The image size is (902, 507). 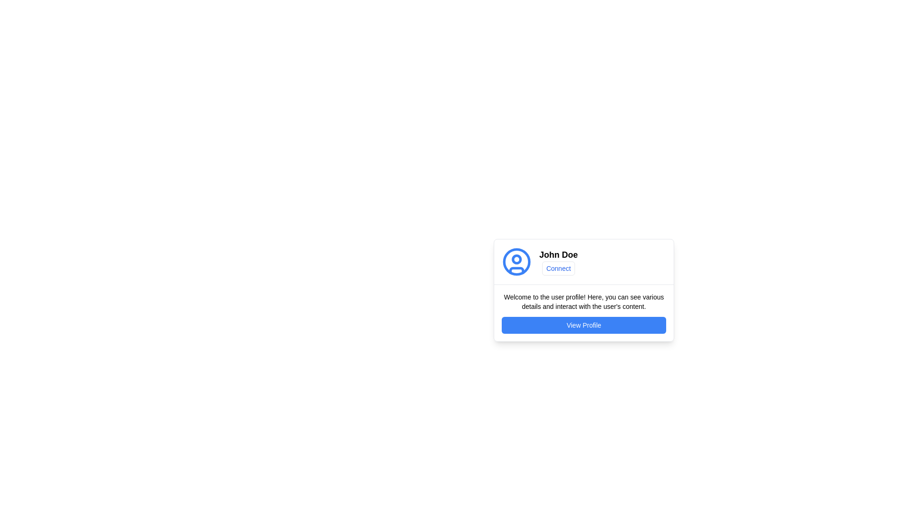 I want to click on the circular graphic representation with a blue outline located within the user avatar graphic, which is positioned to the left of the user name 'John Doe' and above the 'Connect' button, so click(x=516, y=262).